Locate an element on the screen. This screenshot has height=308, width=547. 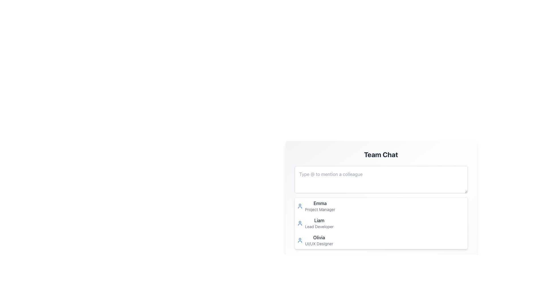
the 'Lead Developer' label associated with the user 'Liam' in the Team Chat section is located at coordinates (319, 226).